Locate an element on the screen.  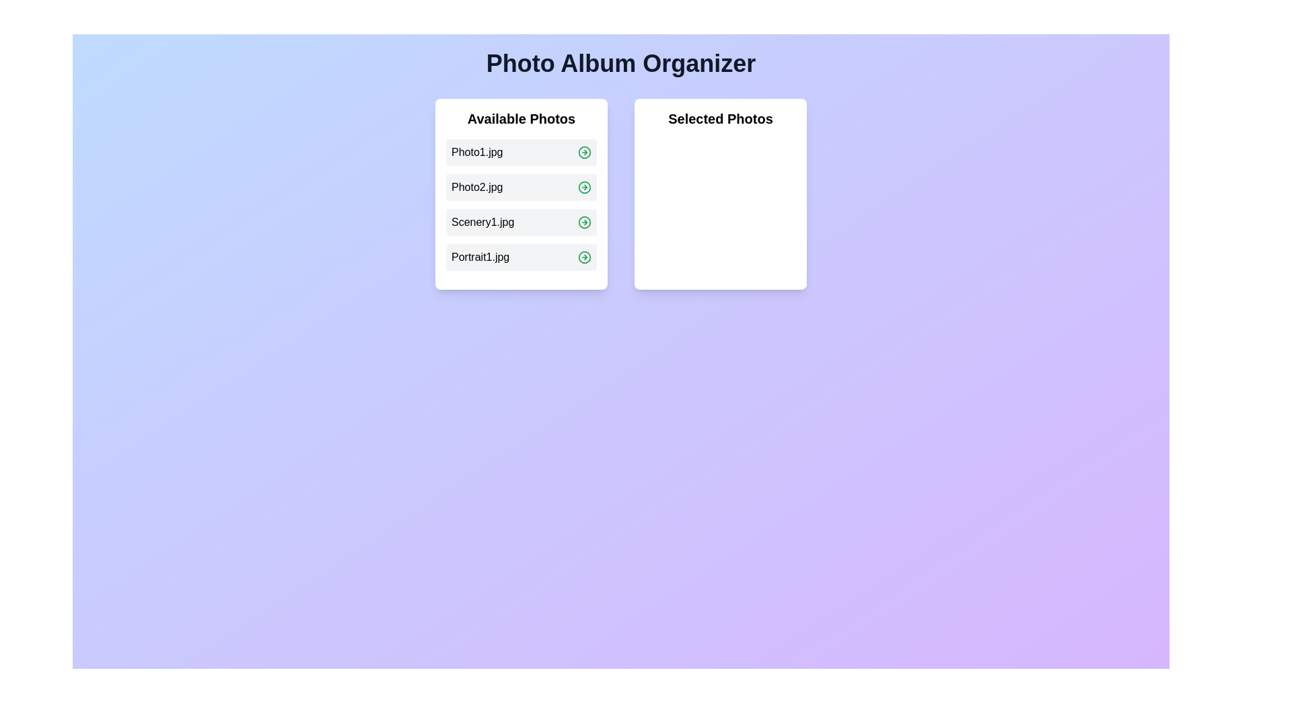
the green arrow icon next to the photo named Photo2.jpg to move it to the 'Selected Photos' list is located at coordinates (584, 187).